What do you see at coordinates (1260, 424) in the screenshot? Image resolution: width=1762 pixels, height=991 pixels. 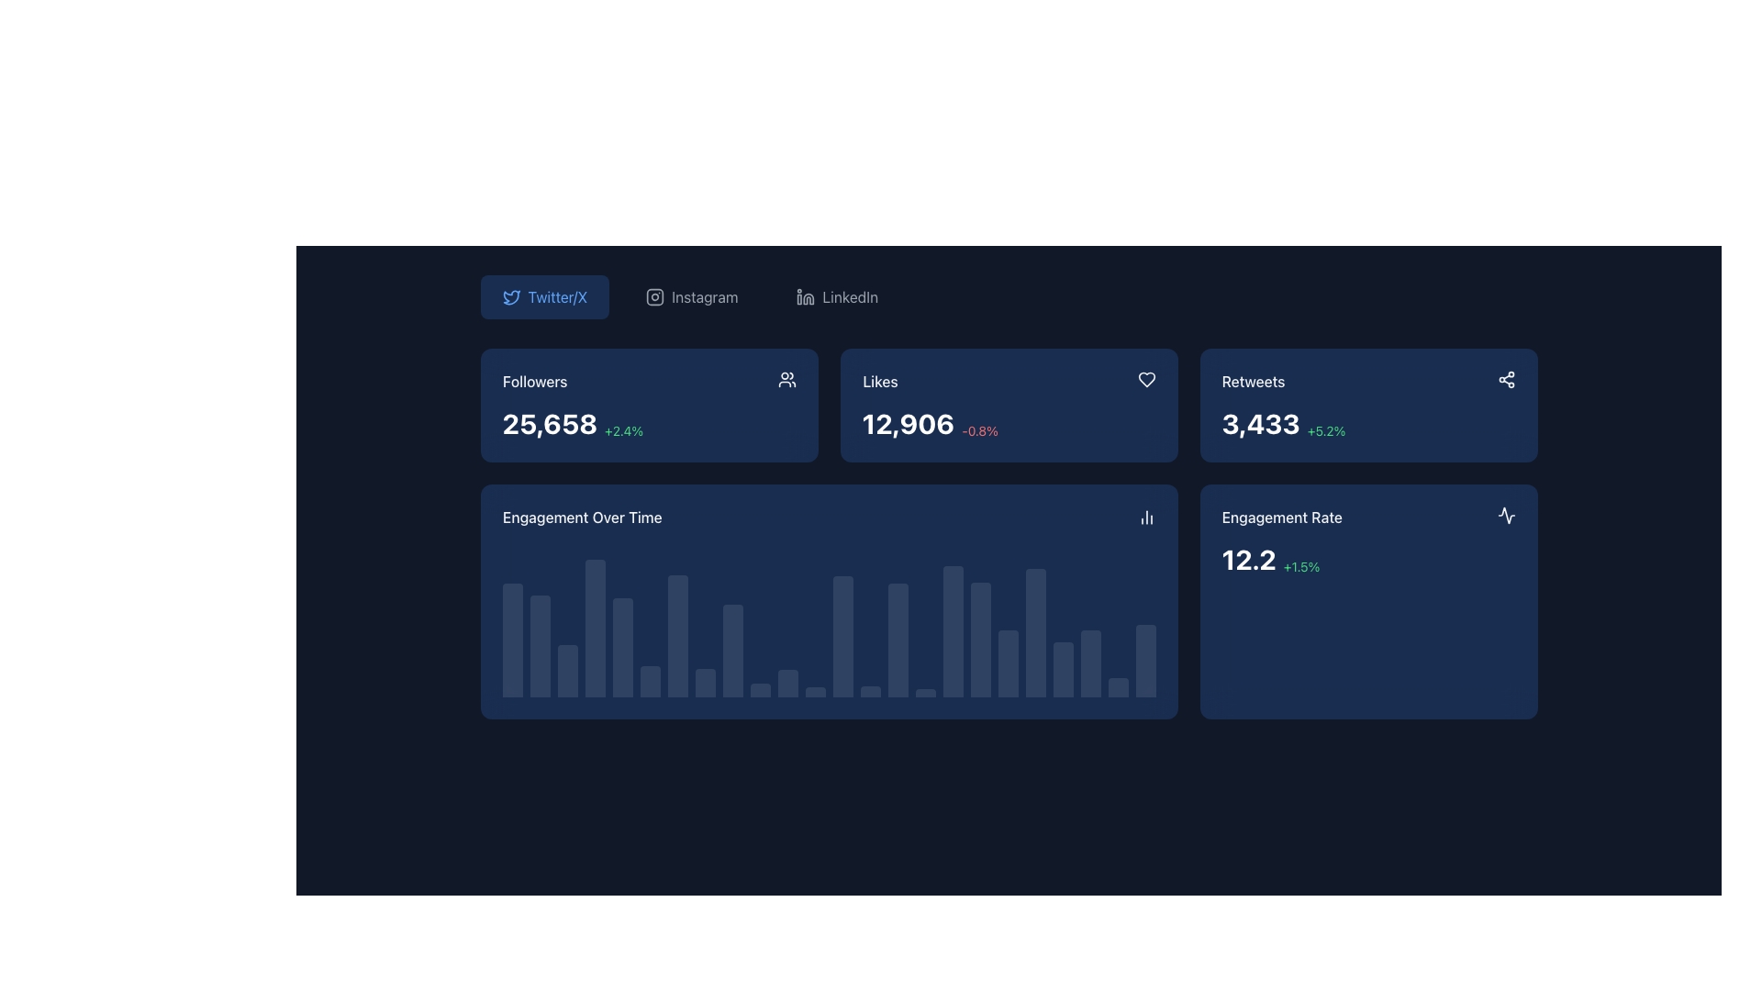 I see `the text label displaying the numerical value for 'Retweets', which is centrally located in the second row, rightmost column of a grid of cards` at bounding box center [1260, 424].